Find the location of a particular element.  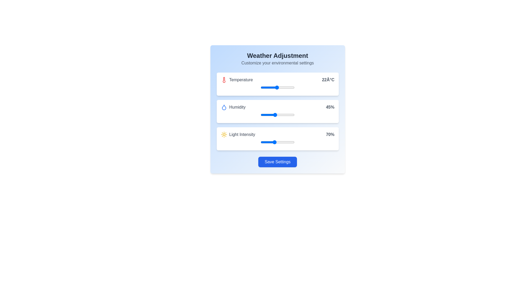

the 'Save' button located at the bottom of the 'Weather Adjustment' card is located at coordinates (277, 162).